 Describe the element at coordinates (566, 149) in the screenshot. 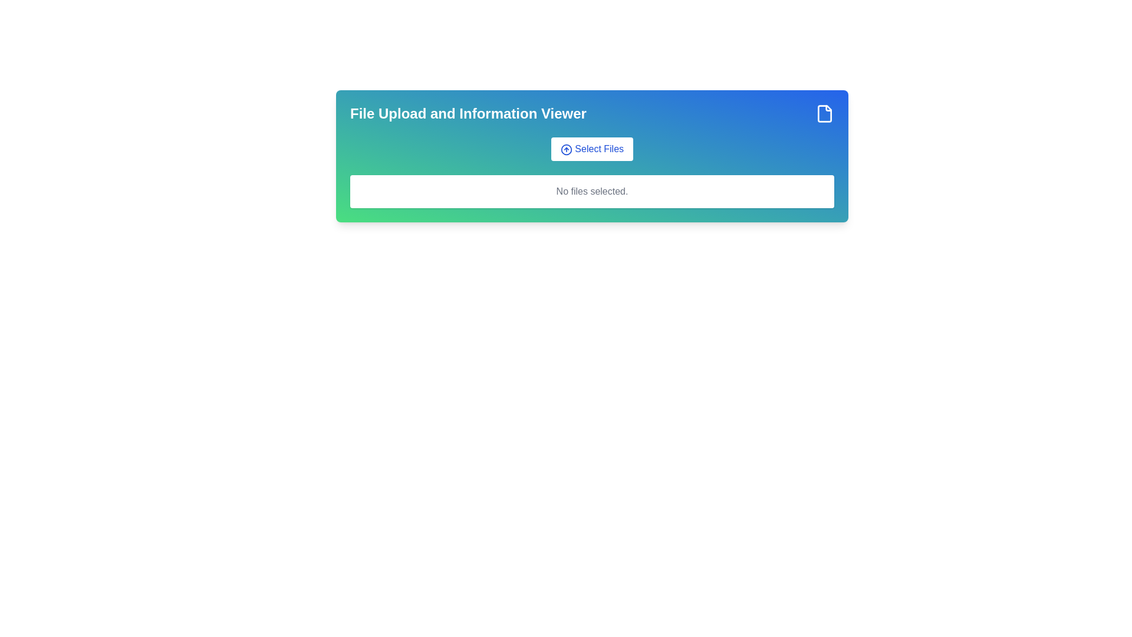

I see `the circular icon with an upward arrow inside, which is part of the 'Select Files' button` at that location.